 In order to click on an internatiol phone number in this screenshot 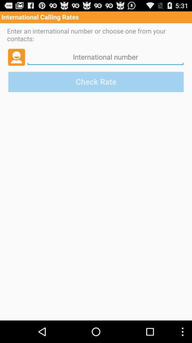, I will do `click(105, 56)`.